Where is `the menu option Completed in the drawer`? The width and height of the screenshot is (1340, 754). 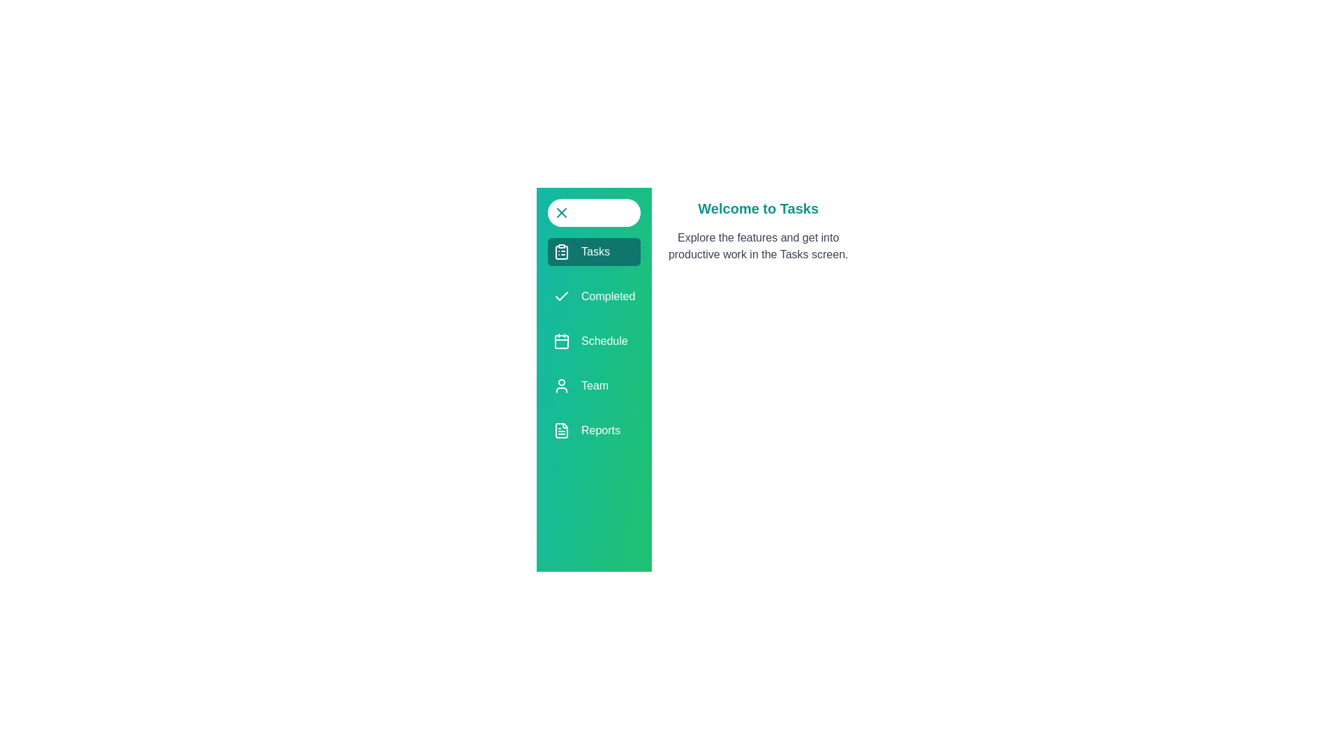
the menu option Completed in the drawer is located at coordinates (594, 295).